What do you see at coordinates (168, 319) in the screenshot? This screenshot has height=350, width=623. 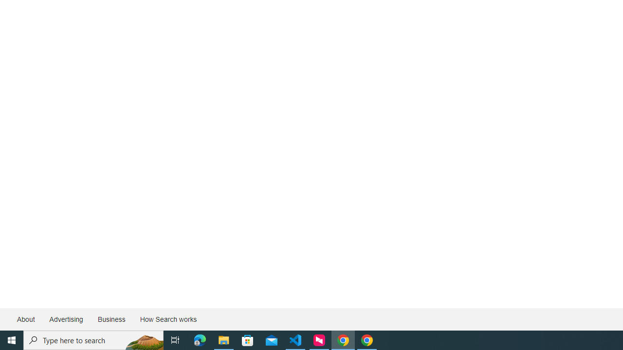 I see `'How Search works'` at bounding box center [168, 319].